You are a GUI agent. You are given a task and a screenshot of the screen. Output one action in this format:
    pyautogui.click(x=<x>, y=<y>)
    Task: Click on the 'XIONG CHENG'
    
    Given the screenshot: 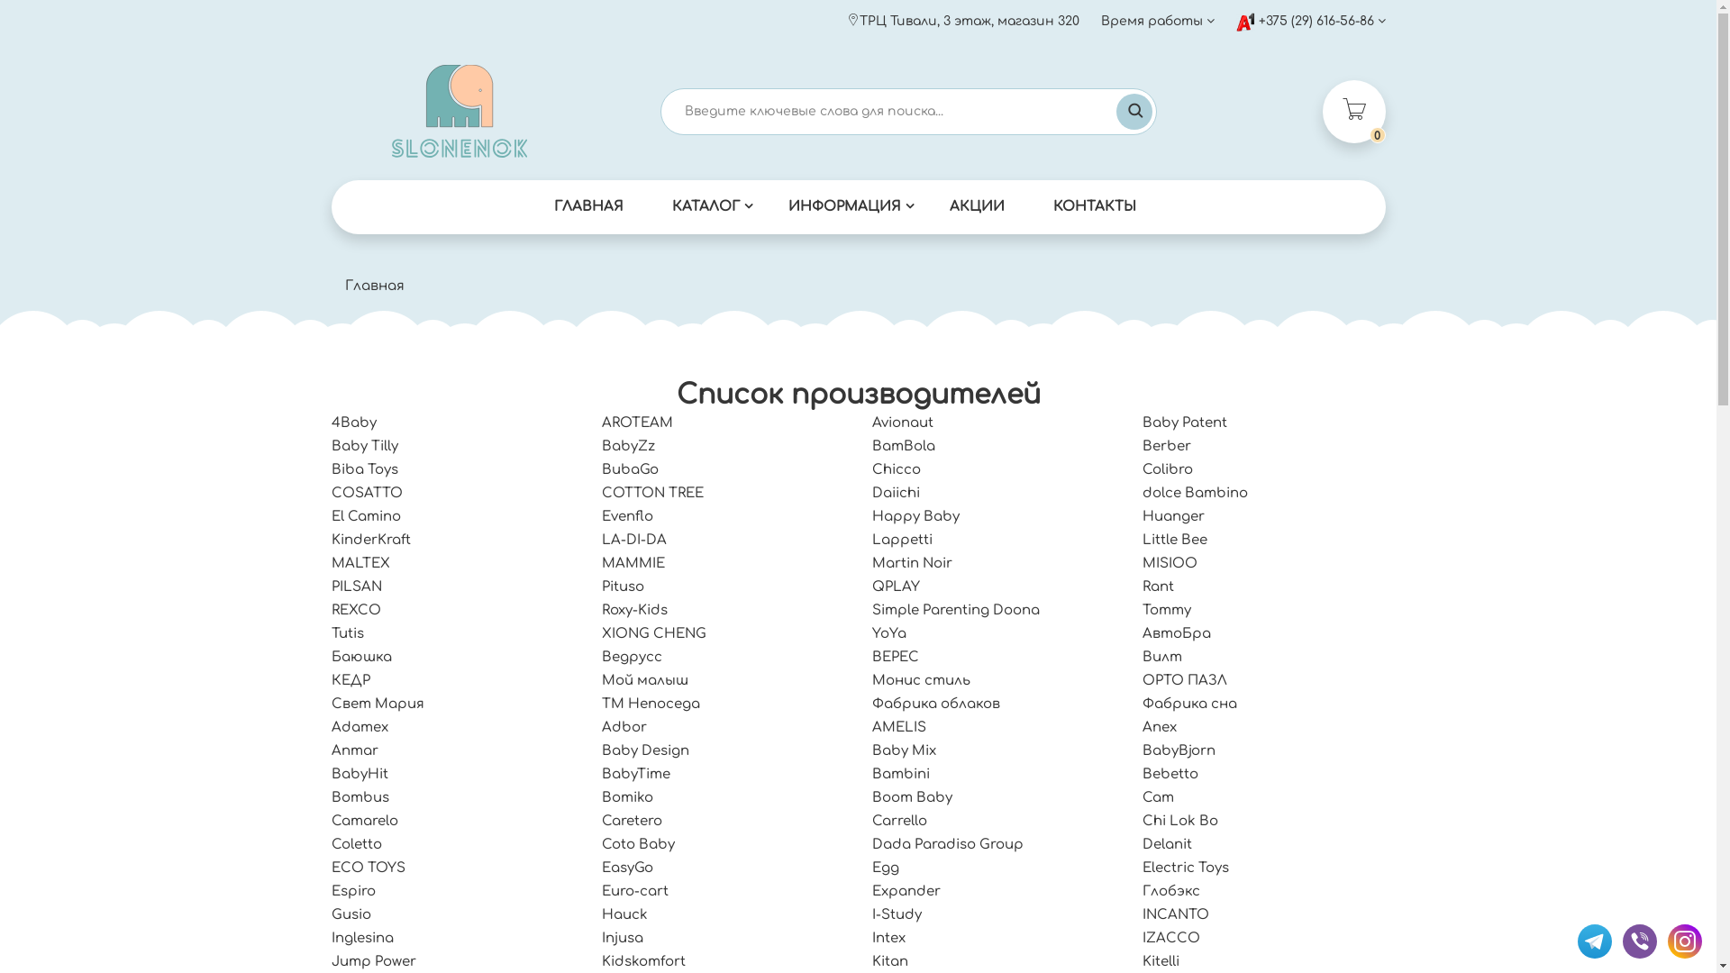 What is the action you would take?
    pyautogui.click(x=652, y=632)
    